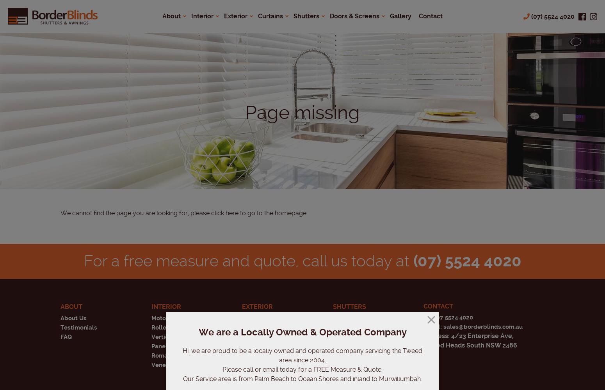  Describe the element at coordinates (468, 335) in the screenshot. I see `'Address: 4/23 Enterprise Ave,'` at that location.